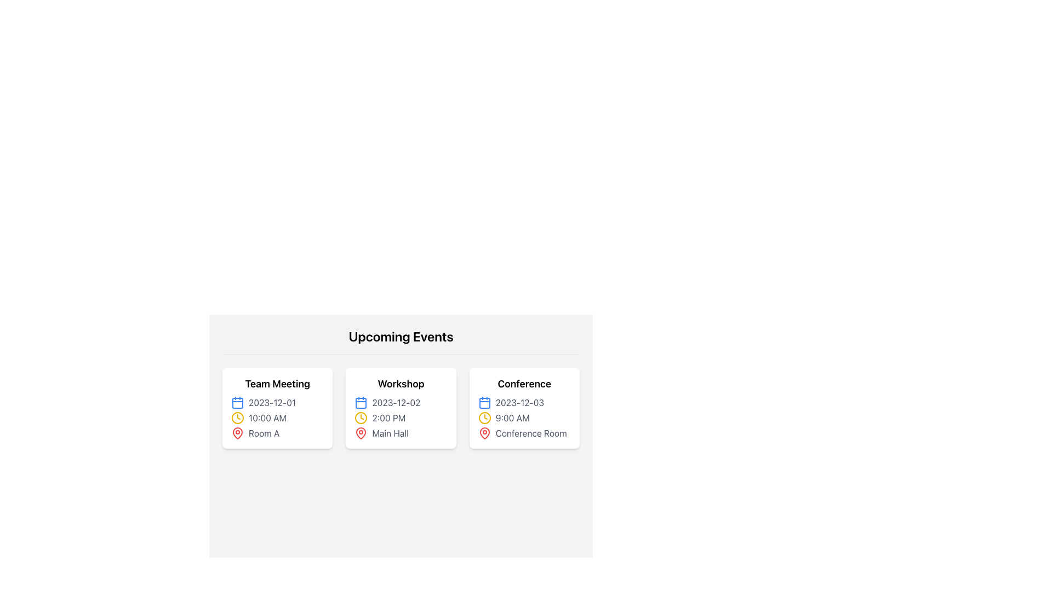 The width and height of the screenshot is (1052, 591). I want to click on the small yellow clock icon with clock hands located to the left of the text '10:00 AM' within the 'Team Meeting' card under the 'Upcoming Events' section, so click(237, 418).